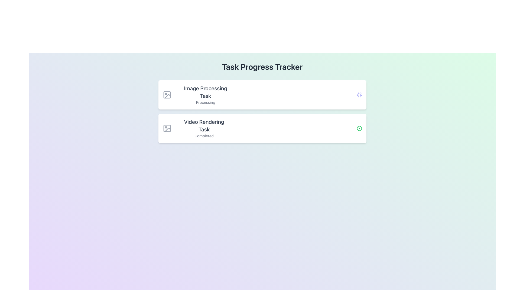 This screenshot has width=520, height=292. Describe the element at coordinates (359, 128) in the screenshot. I see `the visual indicator icon located in the middle of the bottom row of the task interface that corresponds to the 'Video Rendering' task card` at that location.